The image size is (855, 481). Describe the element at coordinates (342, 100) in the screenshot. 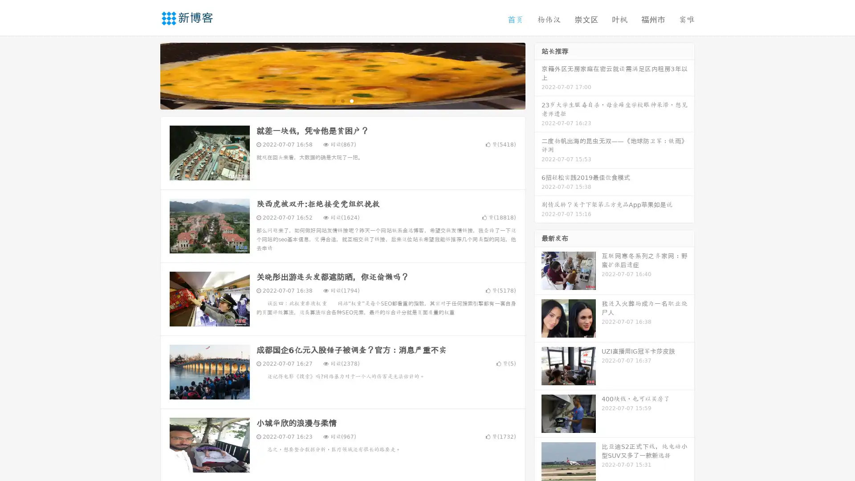

I see `Go to slide 2` at that location.